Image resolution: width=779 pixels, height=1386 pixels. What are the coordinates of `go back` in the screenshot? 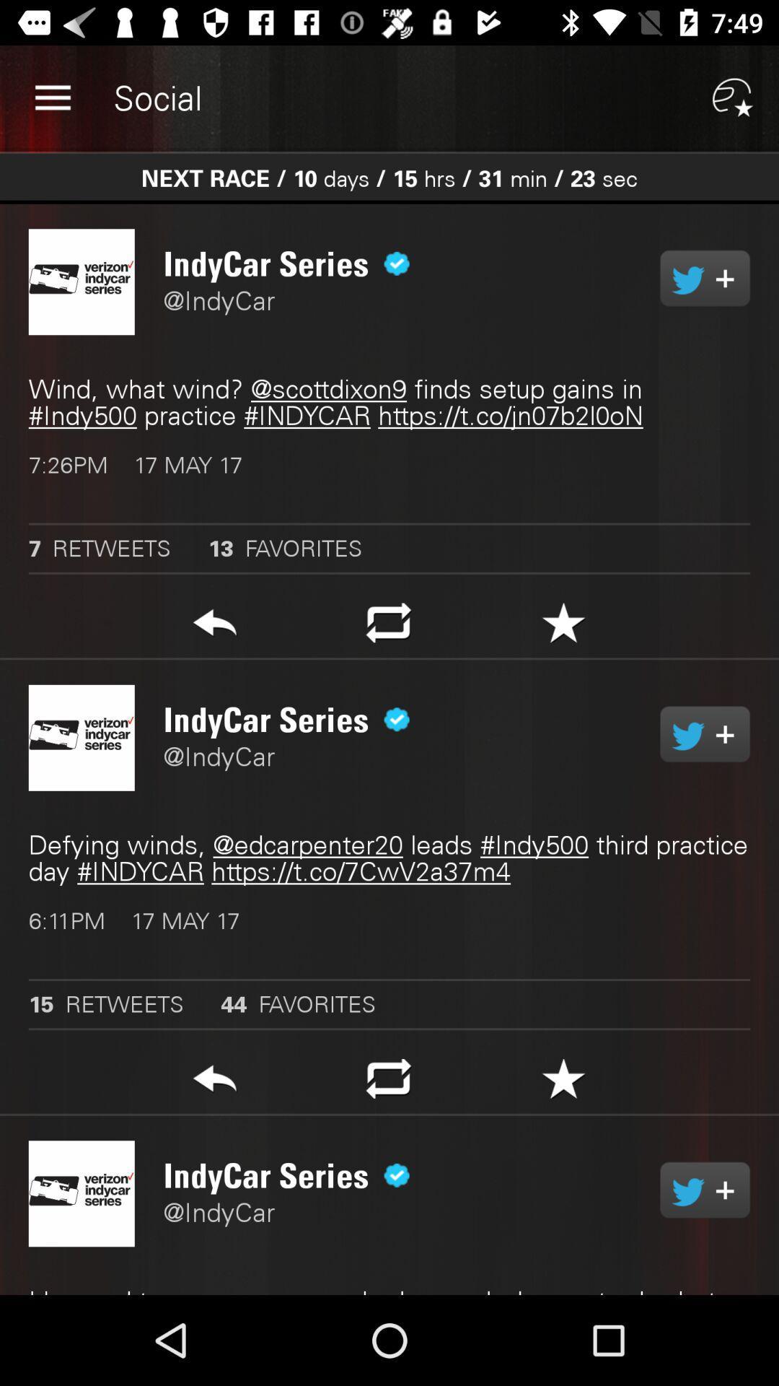 It's located at (214, 1083).